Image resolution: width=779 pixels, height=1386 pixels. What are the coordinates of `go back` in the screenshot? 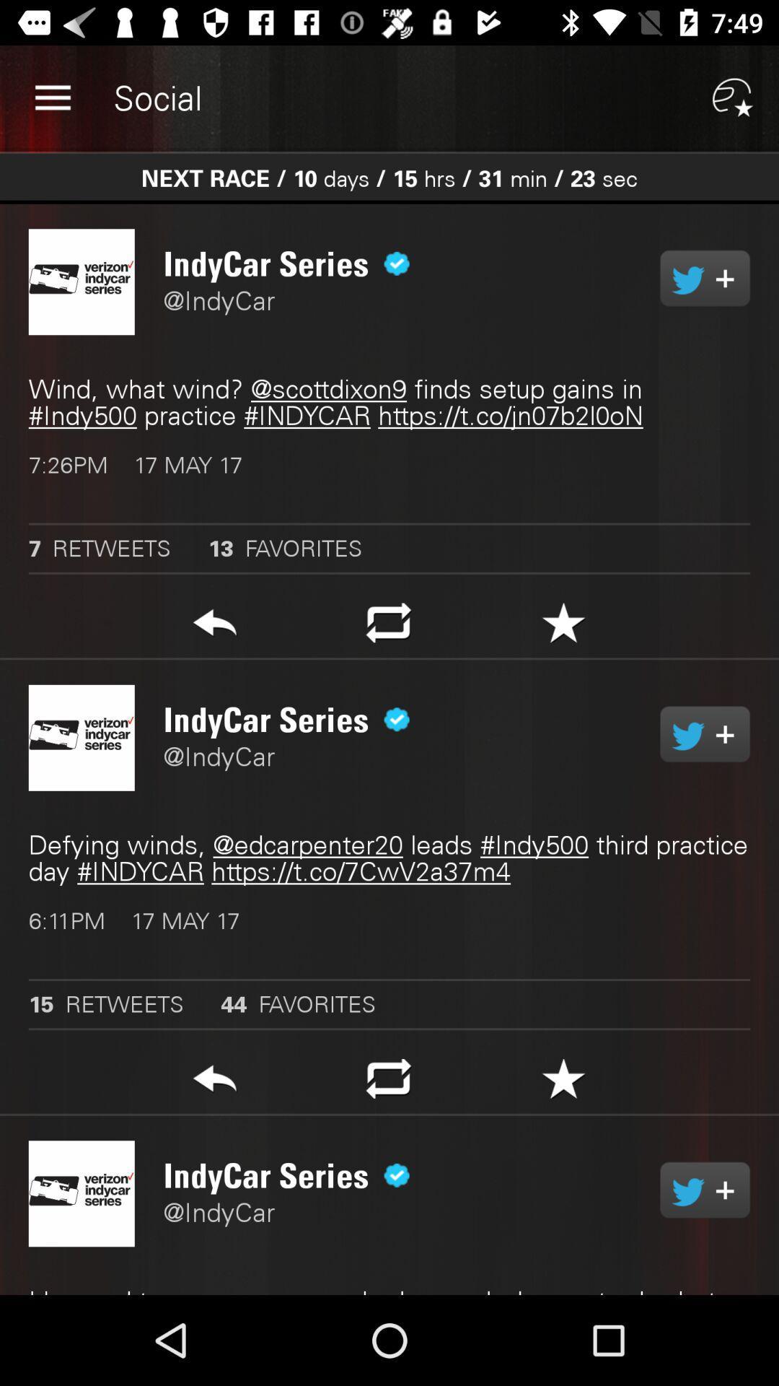 It's located at (214, 1083).